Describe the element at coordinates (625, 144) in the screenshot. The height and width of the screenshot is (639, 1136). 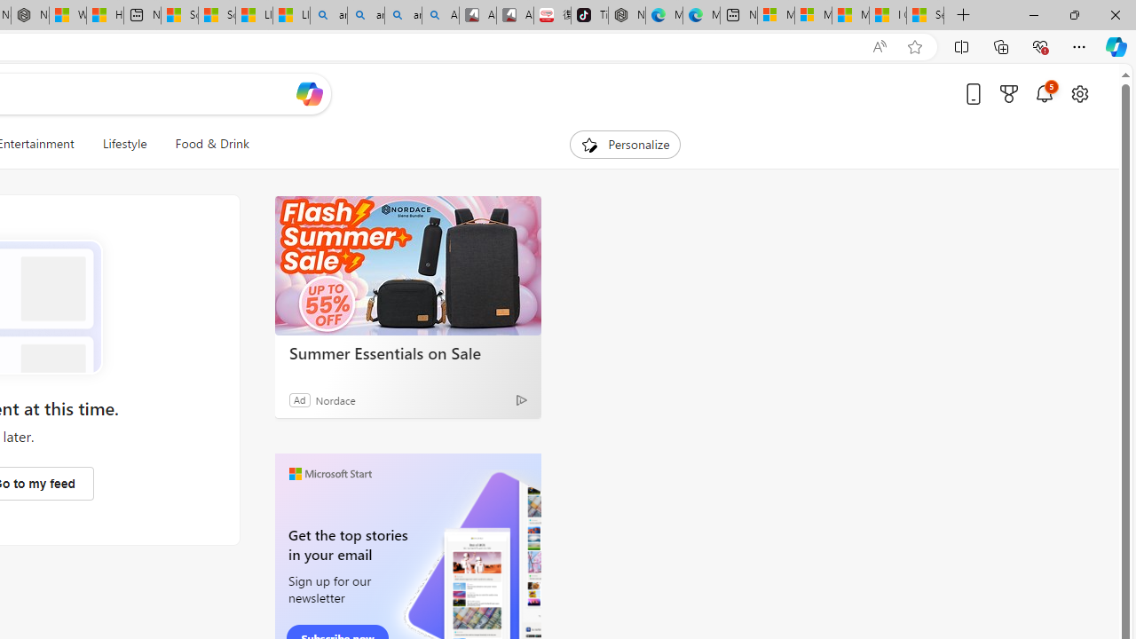
I see `'Personalize'` at that location.